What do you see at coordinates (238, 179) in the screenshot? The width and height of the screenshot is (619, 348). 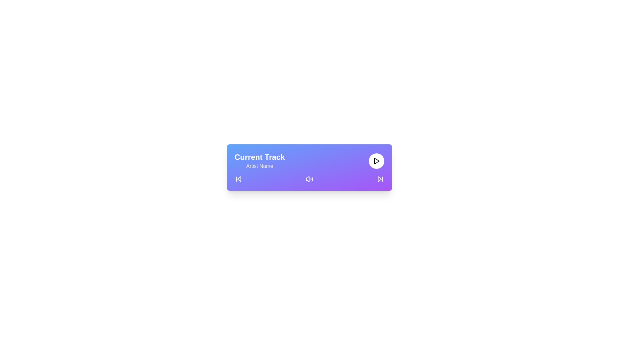 I see `the backward skip button positioned on the far left of the horizontal layout to possibly see a tooltip or highlight effect` at bounding box center [238, 179].